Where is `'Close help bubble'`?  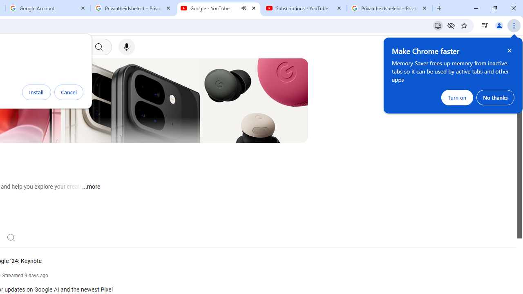
'Close help bubble' is located at coordinates (509, 51).